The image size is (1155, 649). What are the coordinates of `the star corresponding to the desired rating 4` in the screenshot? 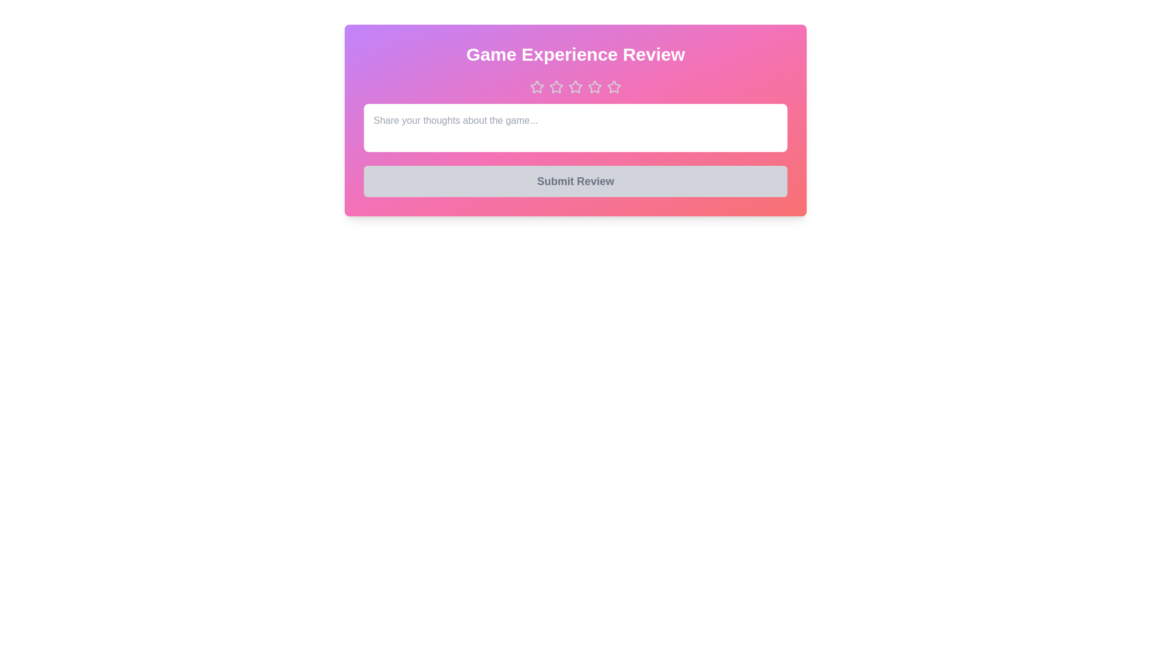 It's located at (594, 87).